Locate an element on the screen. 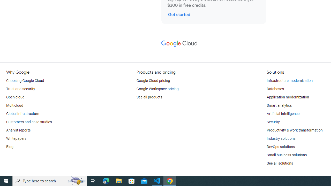  'Multicloud' is located at coordinates (14, 105).